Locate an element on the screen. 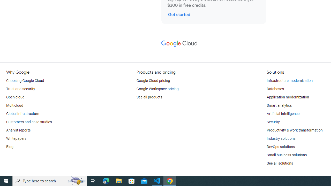  'Multicloud' is located at coordinates (14, 105).